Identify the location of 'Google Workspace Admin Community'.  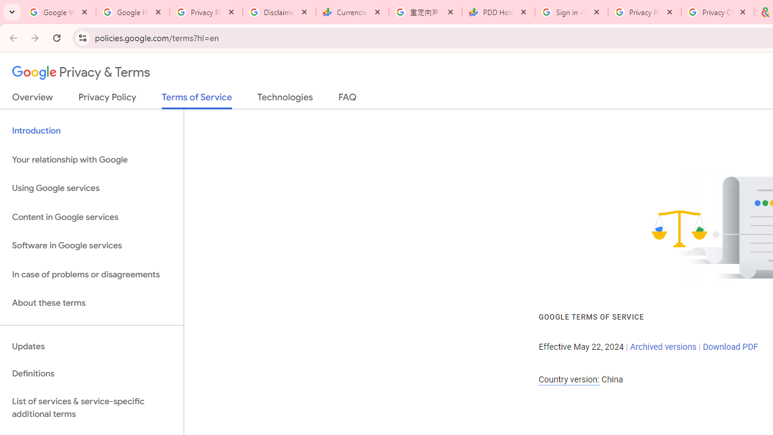
(58, 12).